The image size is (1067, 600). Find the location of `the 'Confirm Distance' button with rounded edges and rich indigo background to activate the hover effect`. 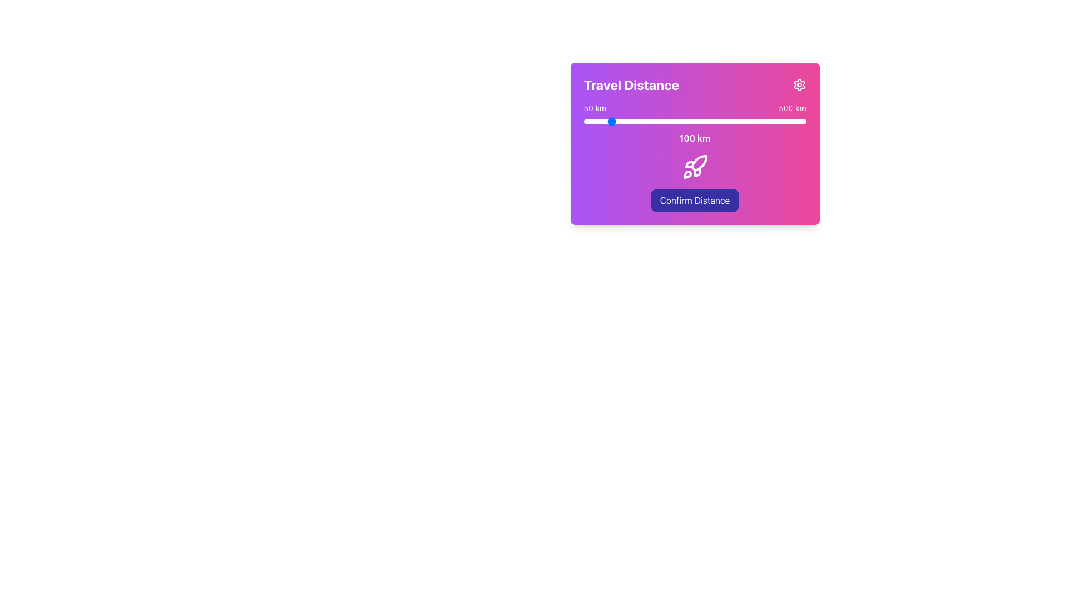

the 'Confirm Distance' button with rounded edges and rich indigo background to activate the hover effect is located at coordinates (694, 201).